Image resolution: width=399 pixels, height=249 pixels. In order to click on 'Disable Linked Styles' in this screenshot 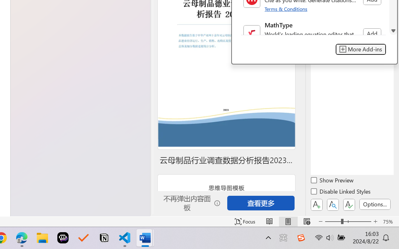, I will do `click(341, 192)`.